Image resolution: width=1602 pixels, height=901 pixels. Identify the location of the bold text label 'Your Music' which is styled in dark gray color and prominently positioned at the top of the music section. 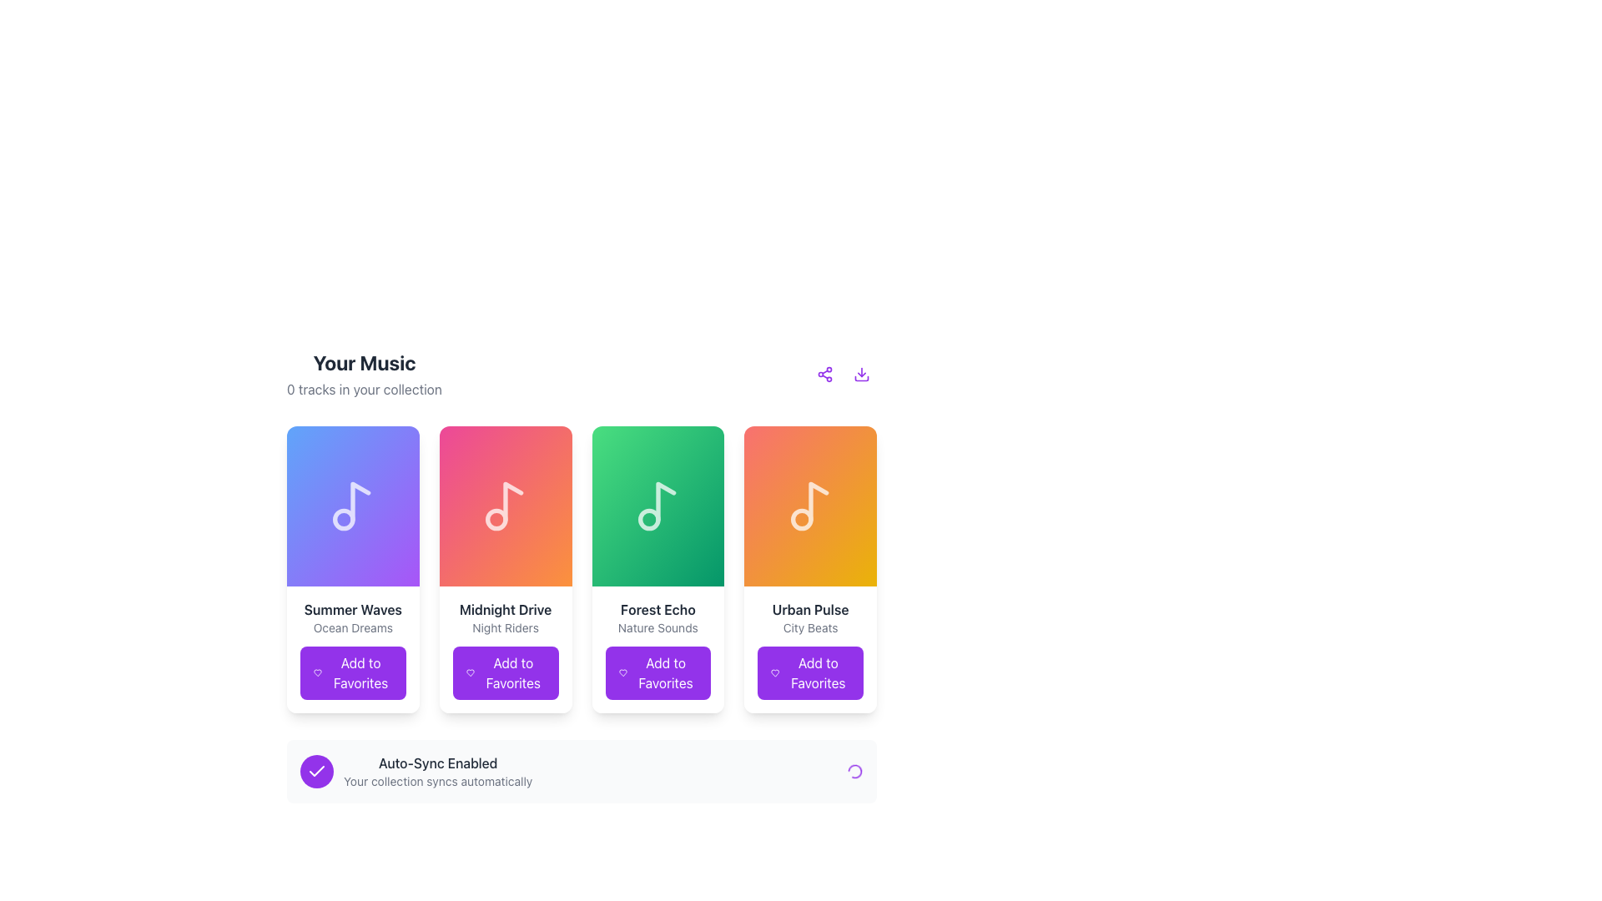
(363, 362).